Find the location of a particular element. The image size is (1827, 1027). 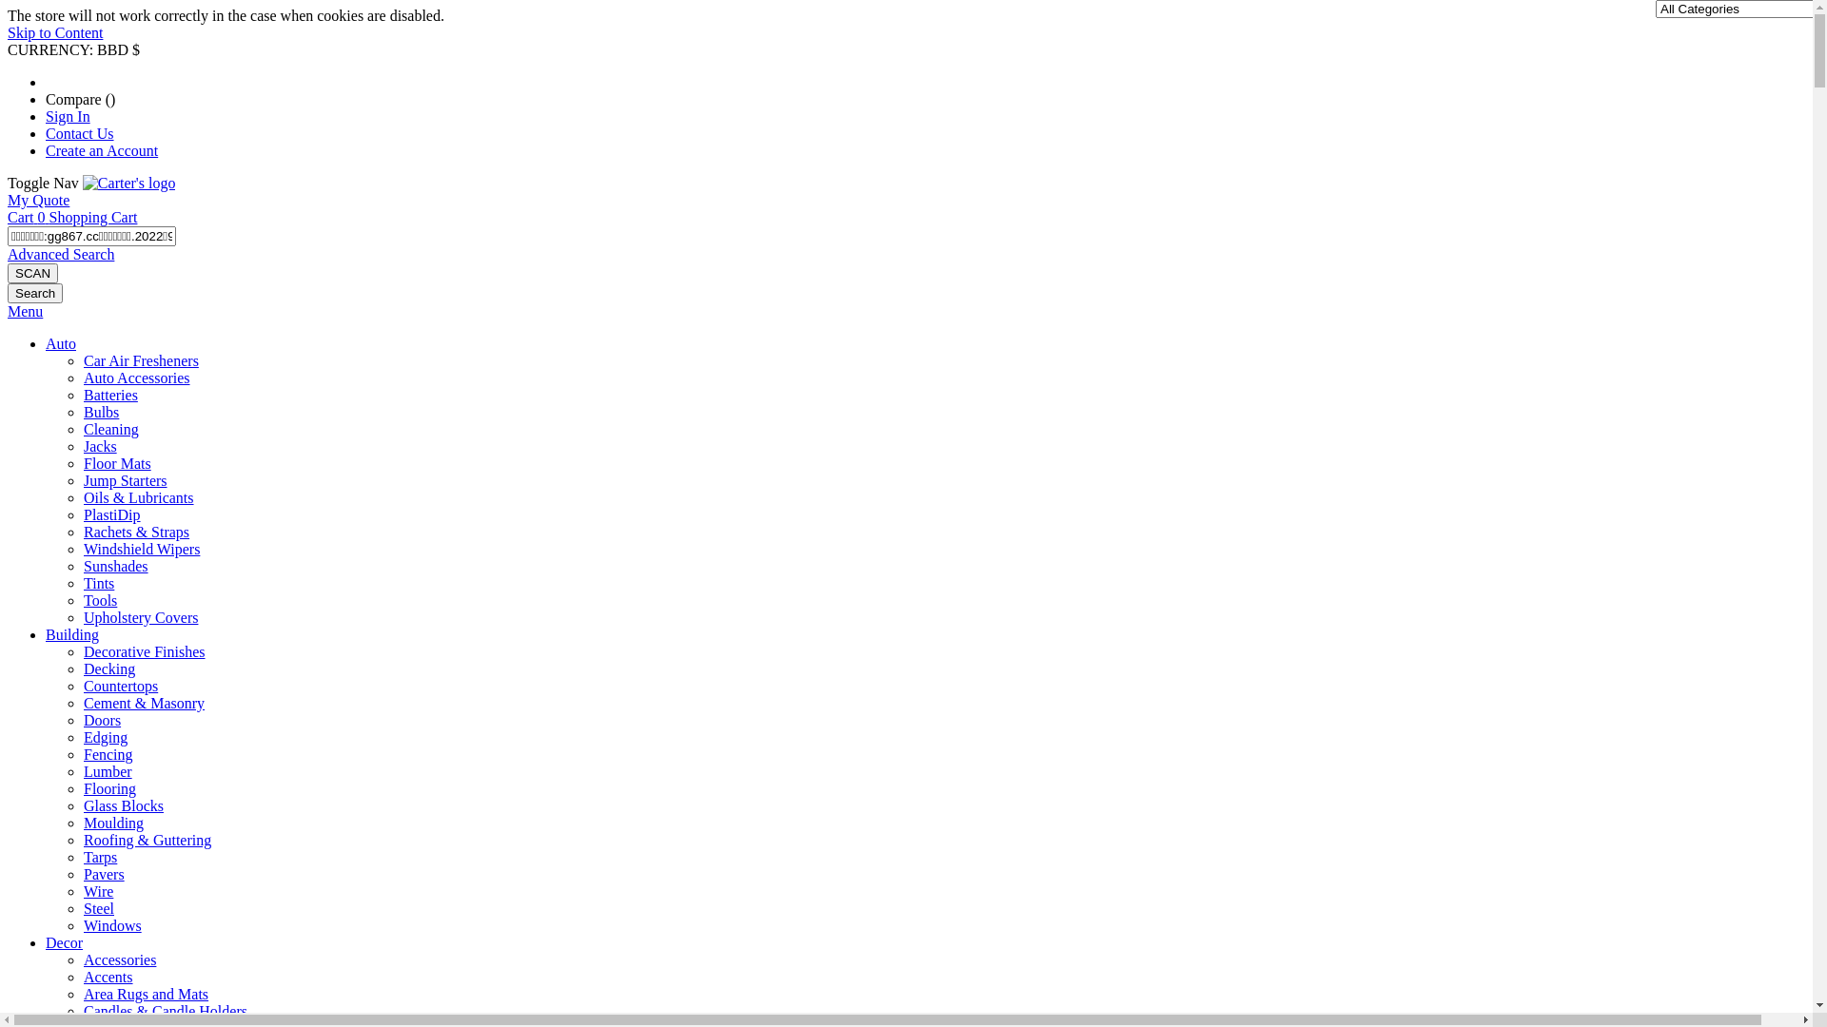

'Doors' is located at coordinates (82, 720).